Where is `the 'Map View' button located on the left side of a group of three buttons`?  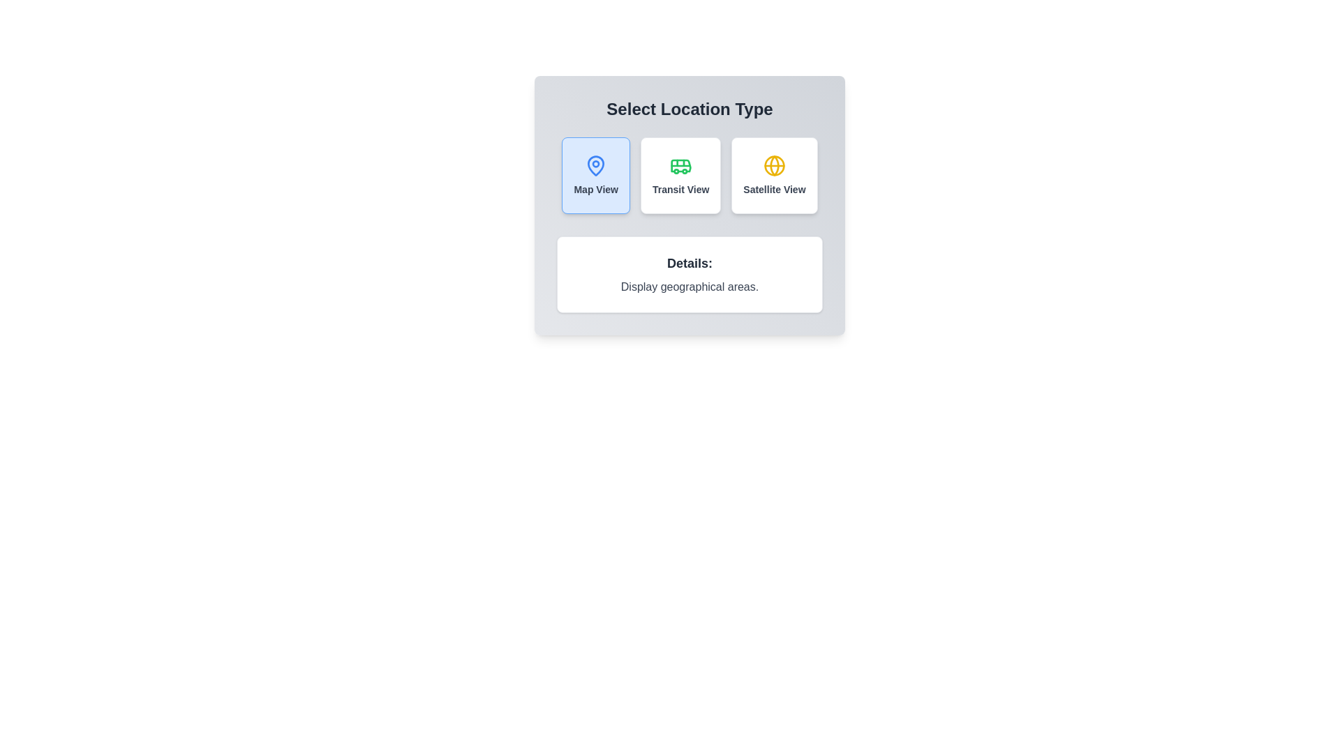
the 'Map View' button located on the left side of a group of three buttons is located at coordinates (596, 174).